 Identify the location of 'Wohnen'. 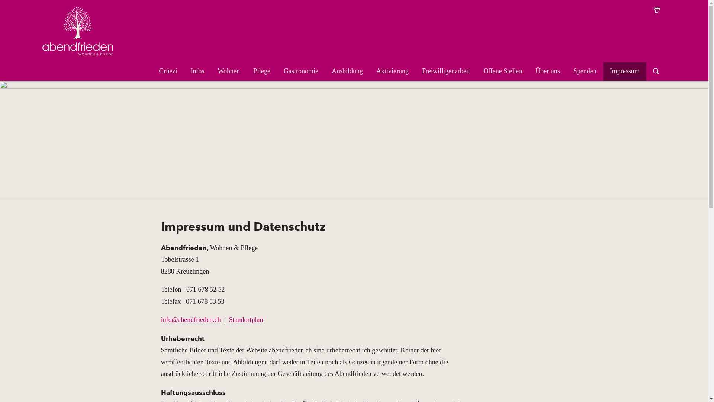
(228, 71).